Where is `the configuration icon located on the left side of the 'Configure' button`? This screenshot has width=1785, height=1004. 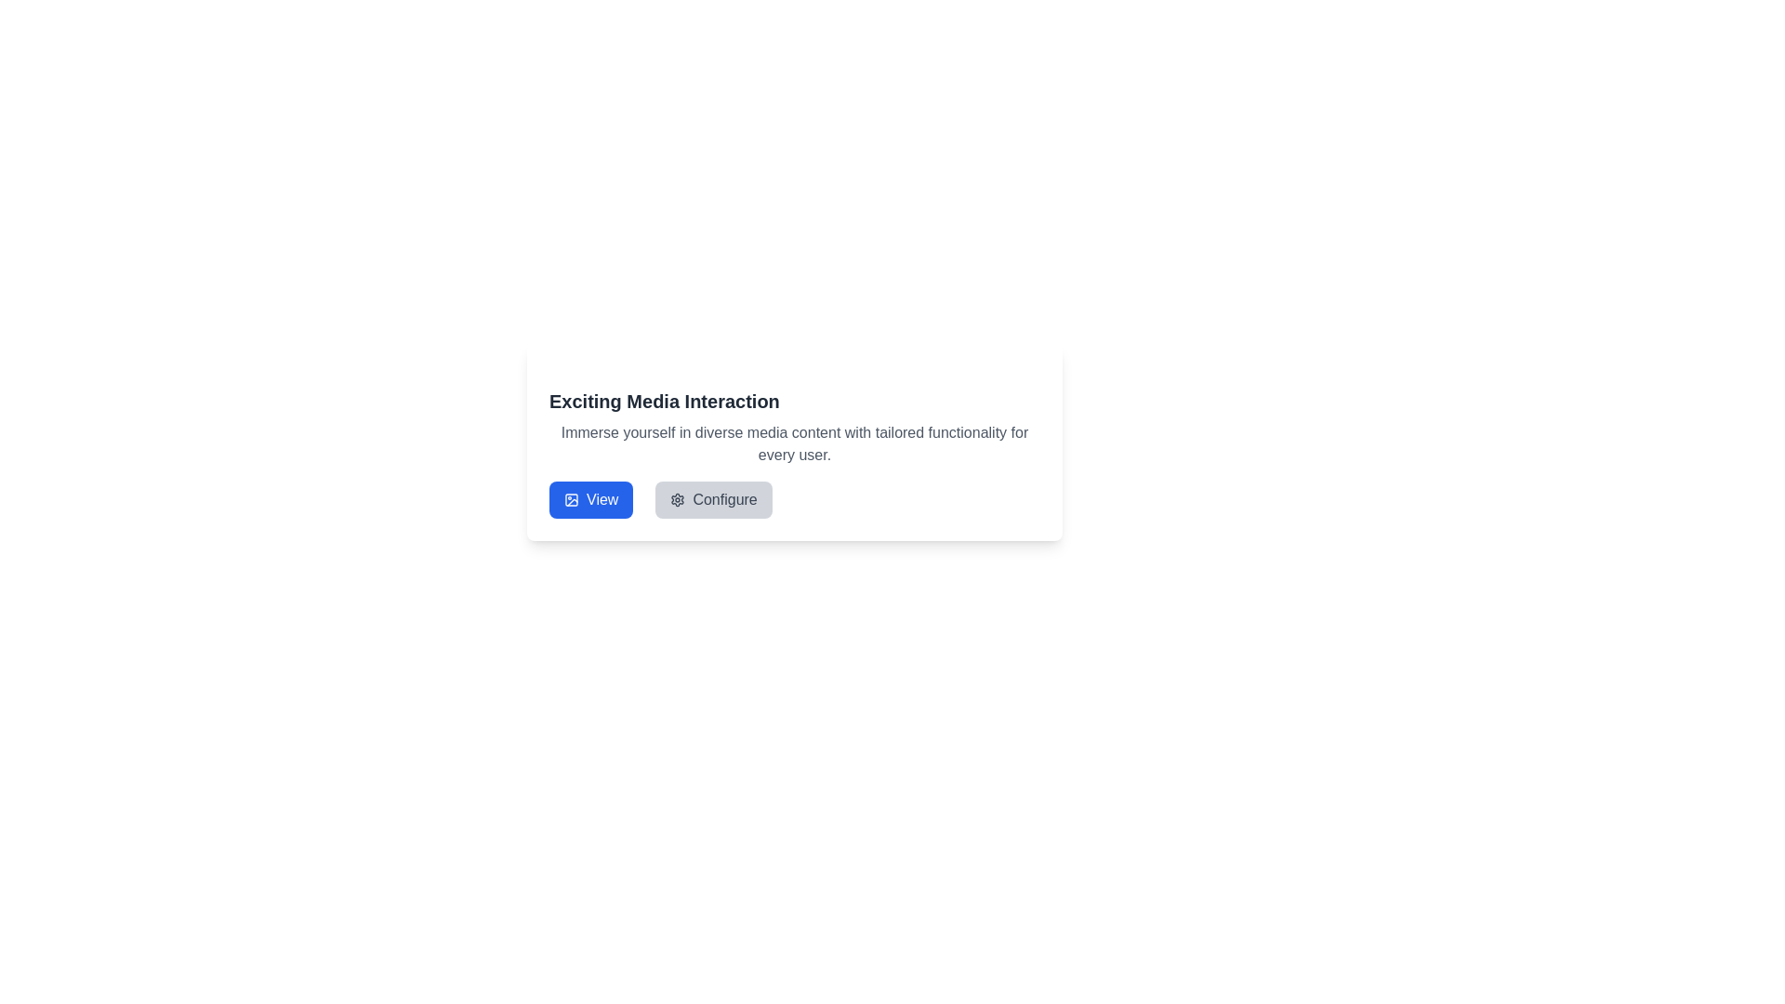 the configuration icon located on the left side of the 'Configure' button is located at coordinates (677, 498).